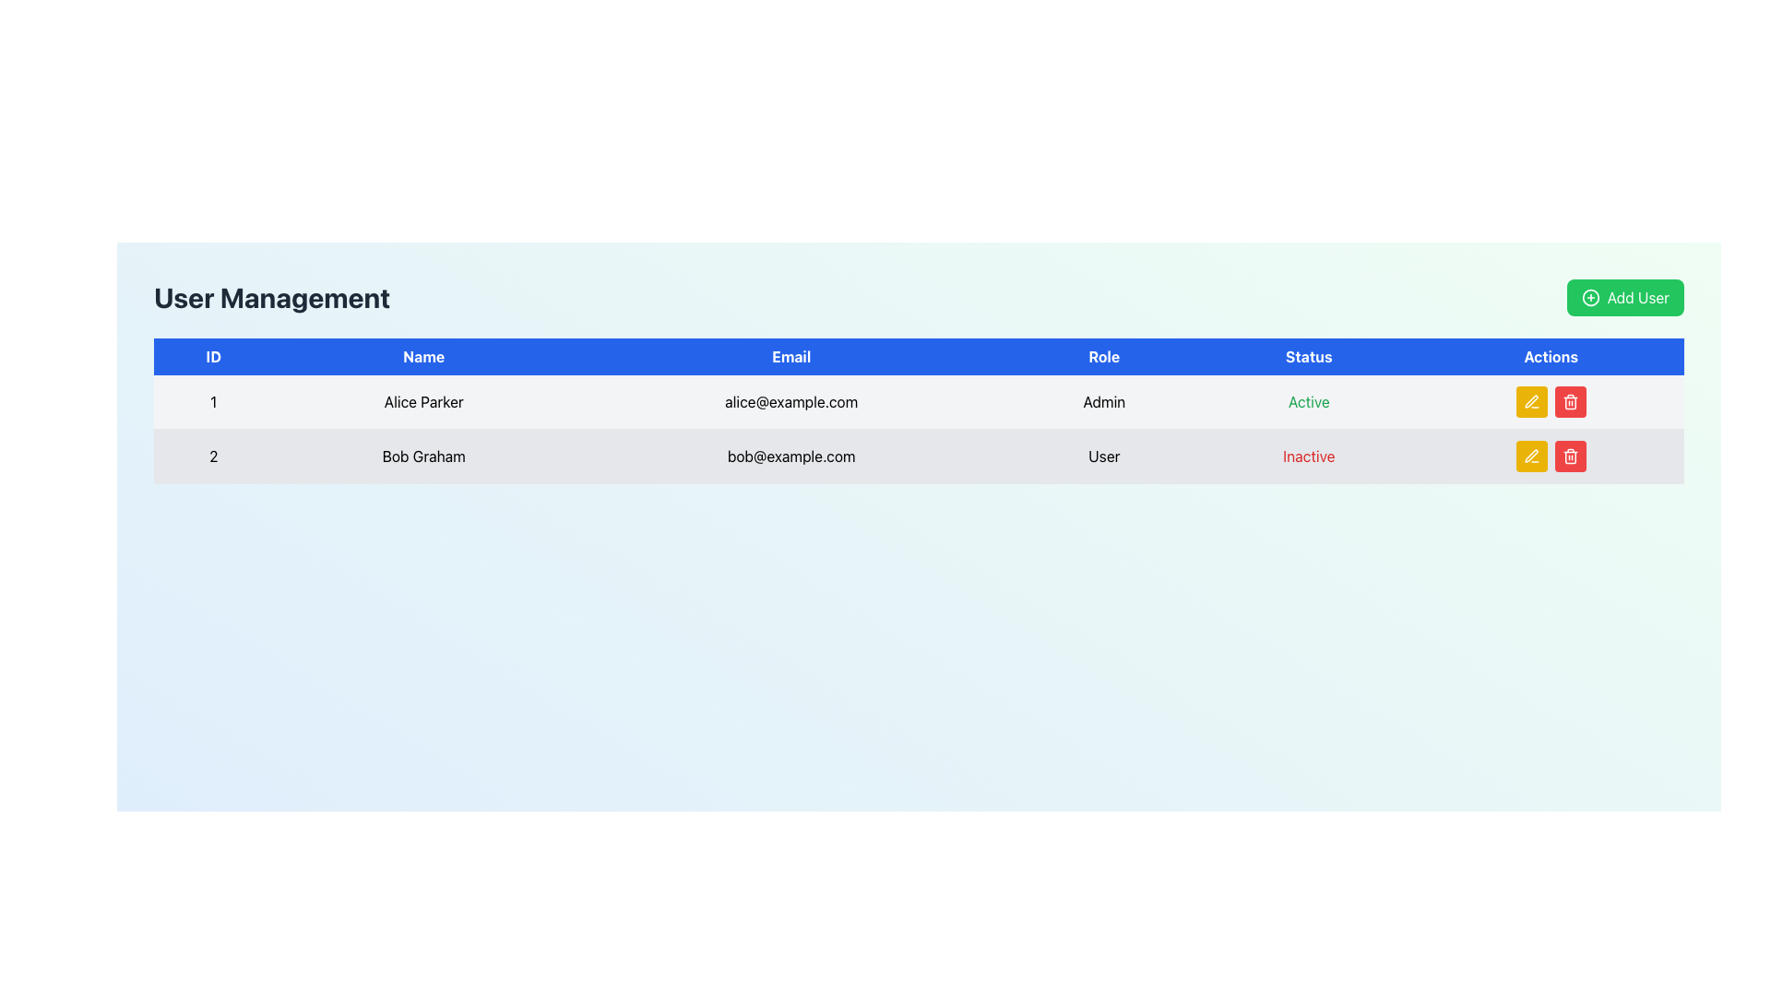 The image size is (1771, 996). Describe the element at coordinates (1569, 456) in the screenshot. I see `the trash can icon, which is the second button in the rightmost 'Actions' column of the user management table's second row` at that location.